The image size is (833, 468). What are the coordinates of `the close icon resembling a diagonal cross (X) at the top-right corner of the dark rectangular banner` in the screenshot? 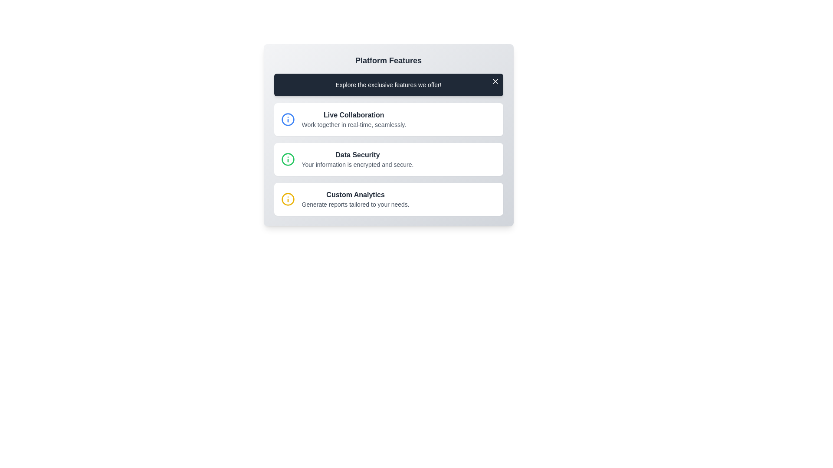 It's located at (495, 81).